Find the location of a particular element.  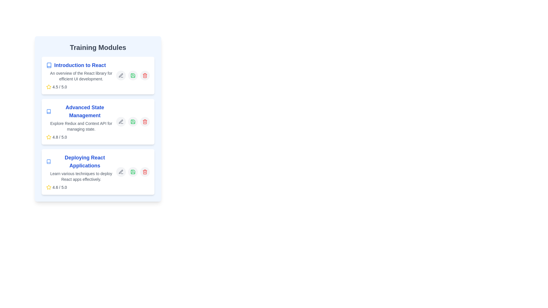

the numerical rating Text label in the 'Advanced State Management' module card, which displays the quality or popularity rating, located below the title and description text, and to the right of a star icon is located at coordinates (60, 137).